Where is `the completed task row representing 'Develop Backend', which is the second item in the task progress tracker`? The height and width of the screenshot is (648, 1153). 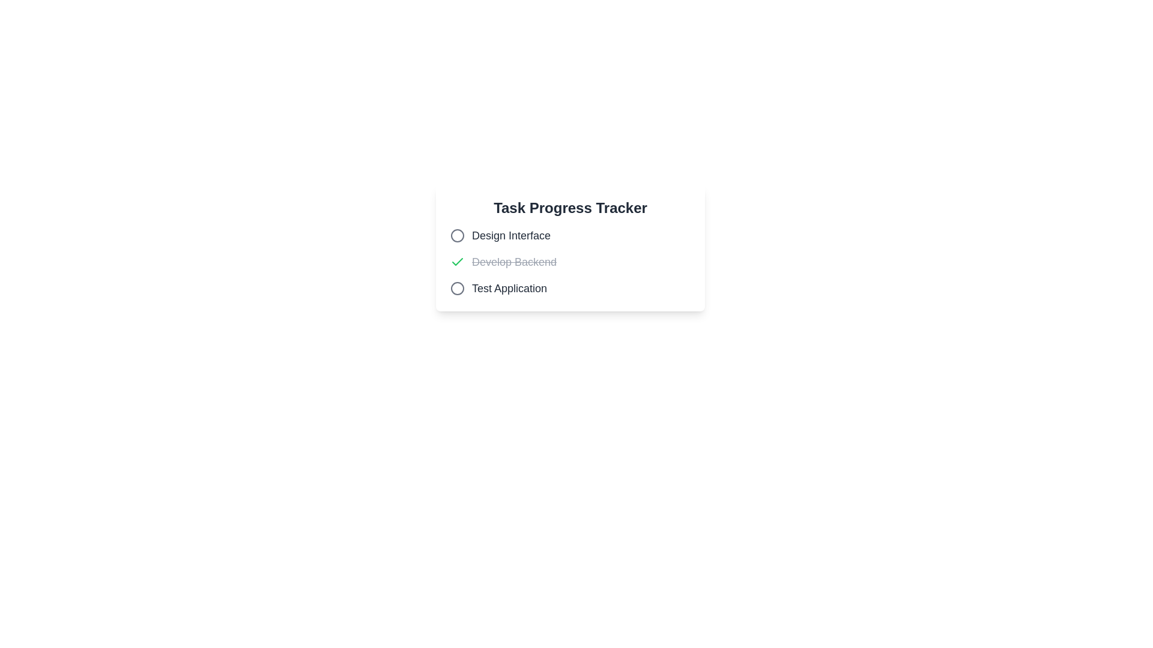
the completed task row representing 'Develop Backend', which is the second item in the task progress tracker is located at coordinates (570, 261).